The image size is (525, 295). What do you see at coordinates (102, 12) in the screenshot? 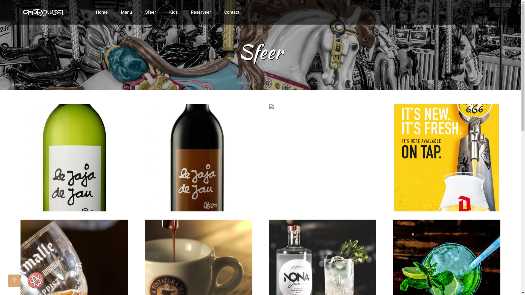
I see `'Home'` at bounding box center [102, 12].